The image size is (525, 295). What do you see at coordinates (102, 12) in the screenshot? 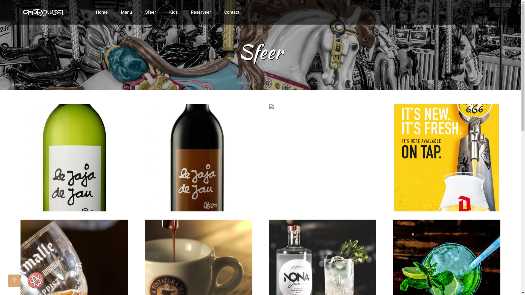
I see `'Home'` at bounding box center [102, 12].